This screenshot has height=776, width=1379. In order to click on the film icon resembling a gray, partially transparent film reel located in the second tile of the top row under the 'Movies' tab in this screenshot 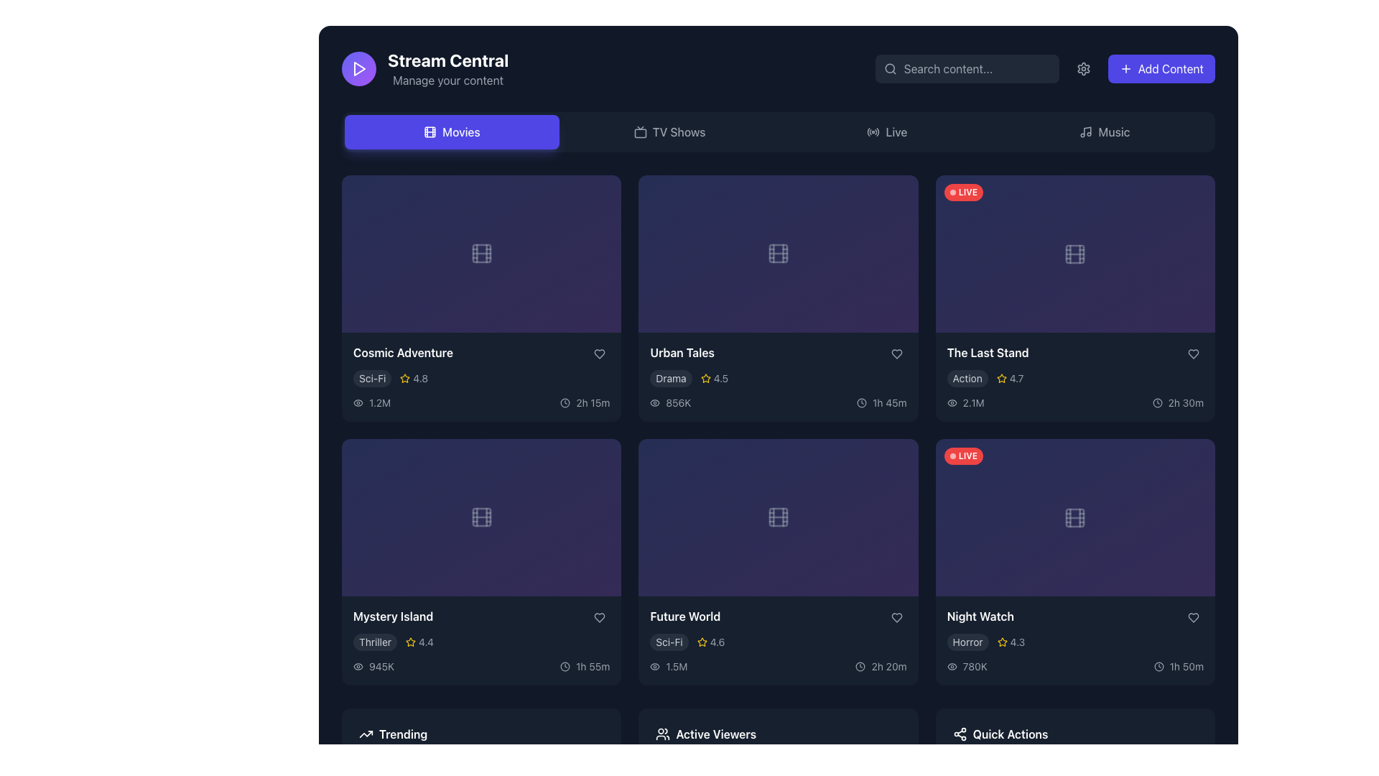, I will do `click(778, 253)`.